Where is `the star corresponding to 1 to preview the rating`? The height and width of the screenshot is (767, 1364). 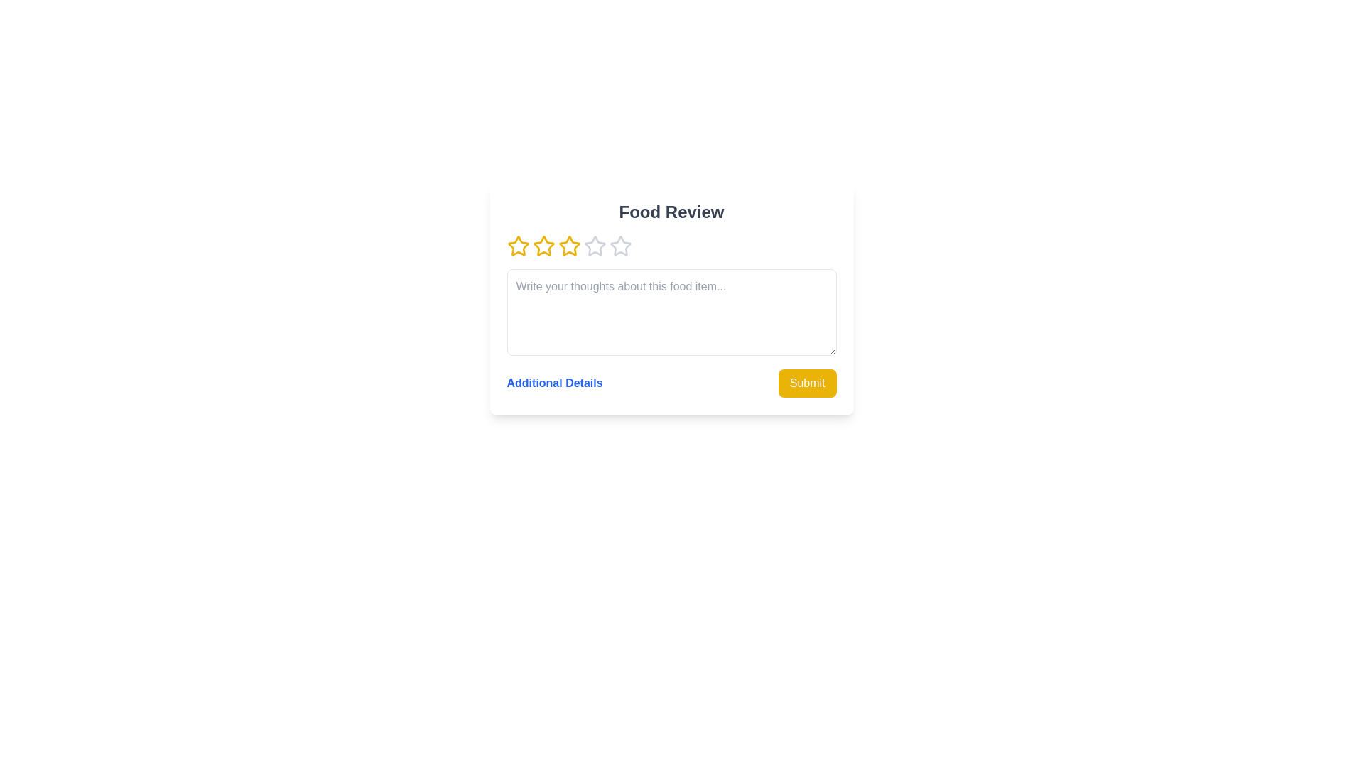 the star corresponding to 1 to preview the rating is located at coordinates (517, 246).